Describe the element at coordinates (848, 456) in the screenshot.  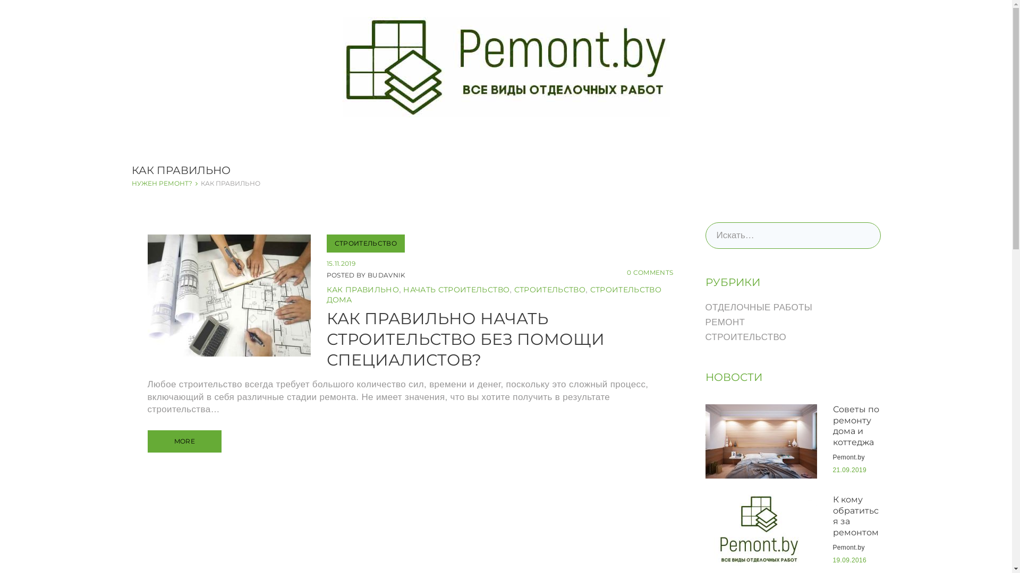
I see `'Pemont.by'` at that location.